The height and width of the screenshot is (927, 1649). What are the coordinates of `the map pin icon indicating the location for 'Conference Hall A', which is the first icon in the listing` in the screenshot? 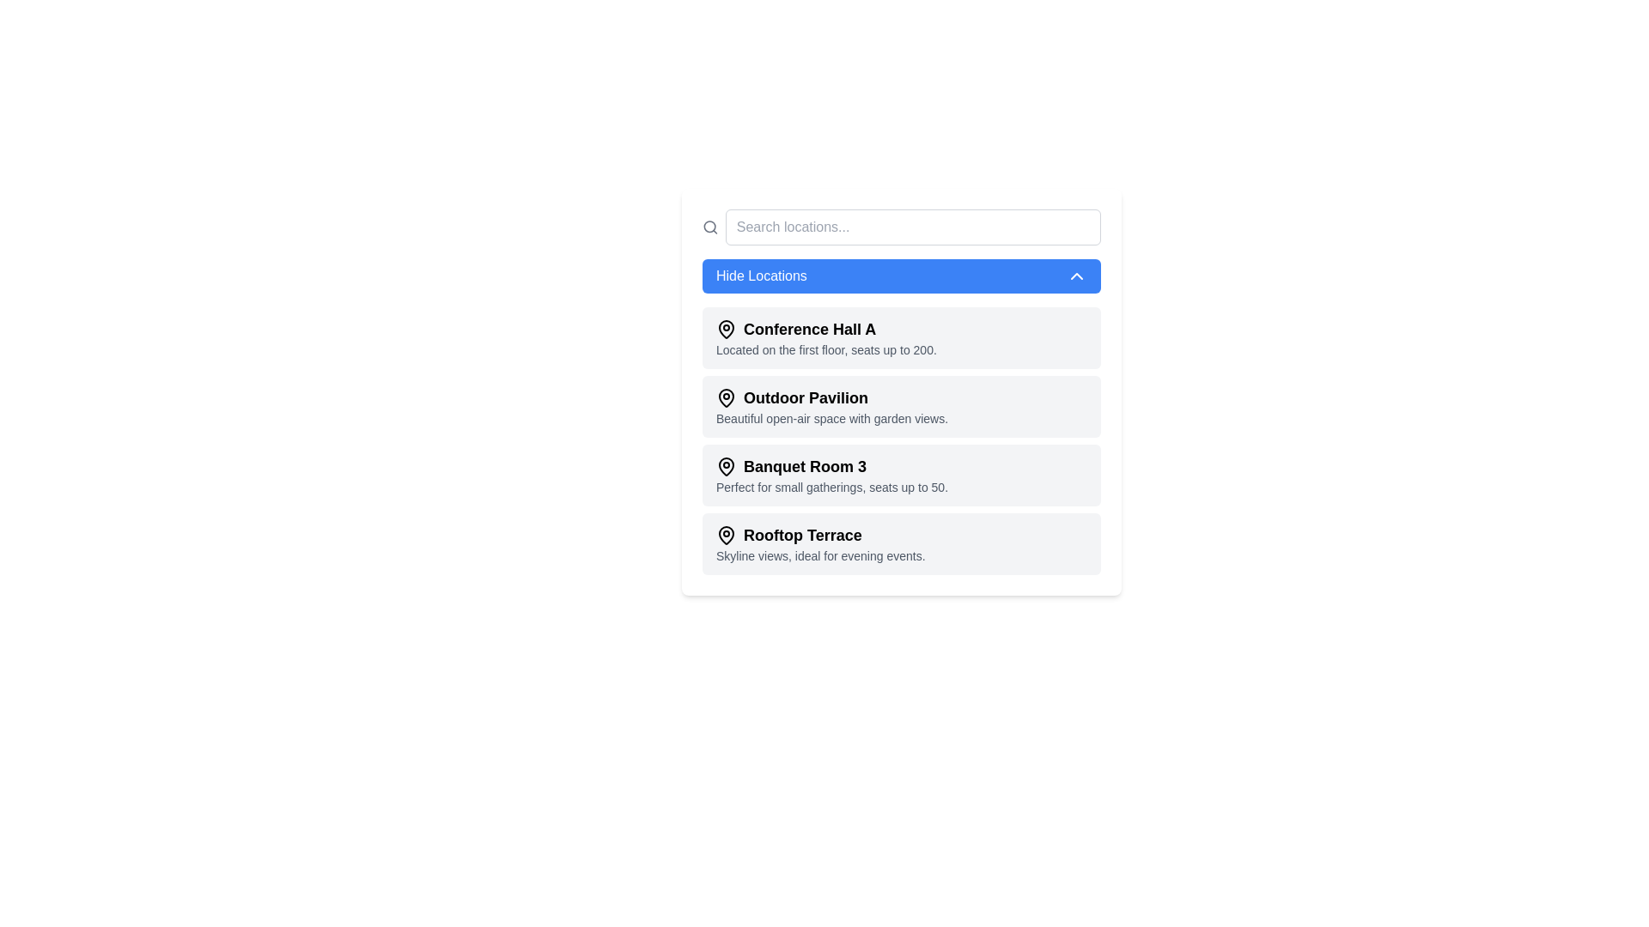 It's located at (726, 328).